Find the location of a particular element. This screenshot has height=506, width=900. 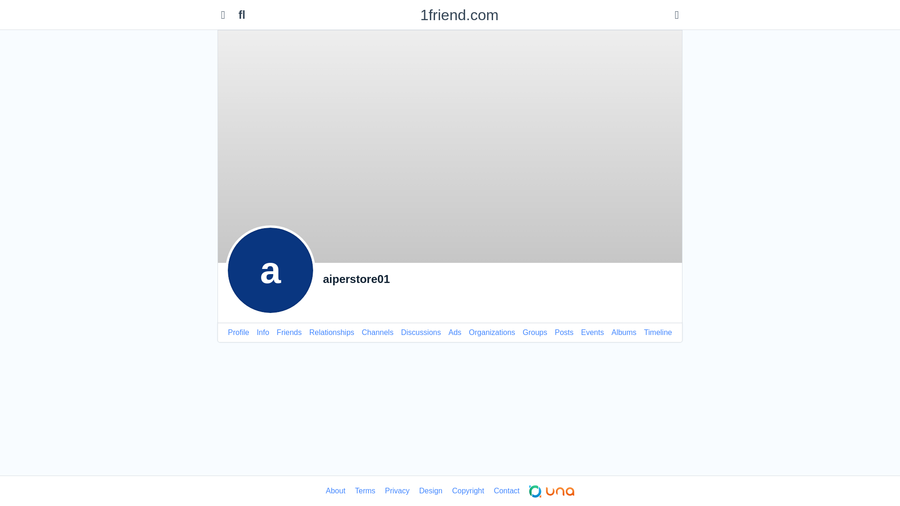

'Powered by UNA Community Management System' is located at coordinates (551, 491).